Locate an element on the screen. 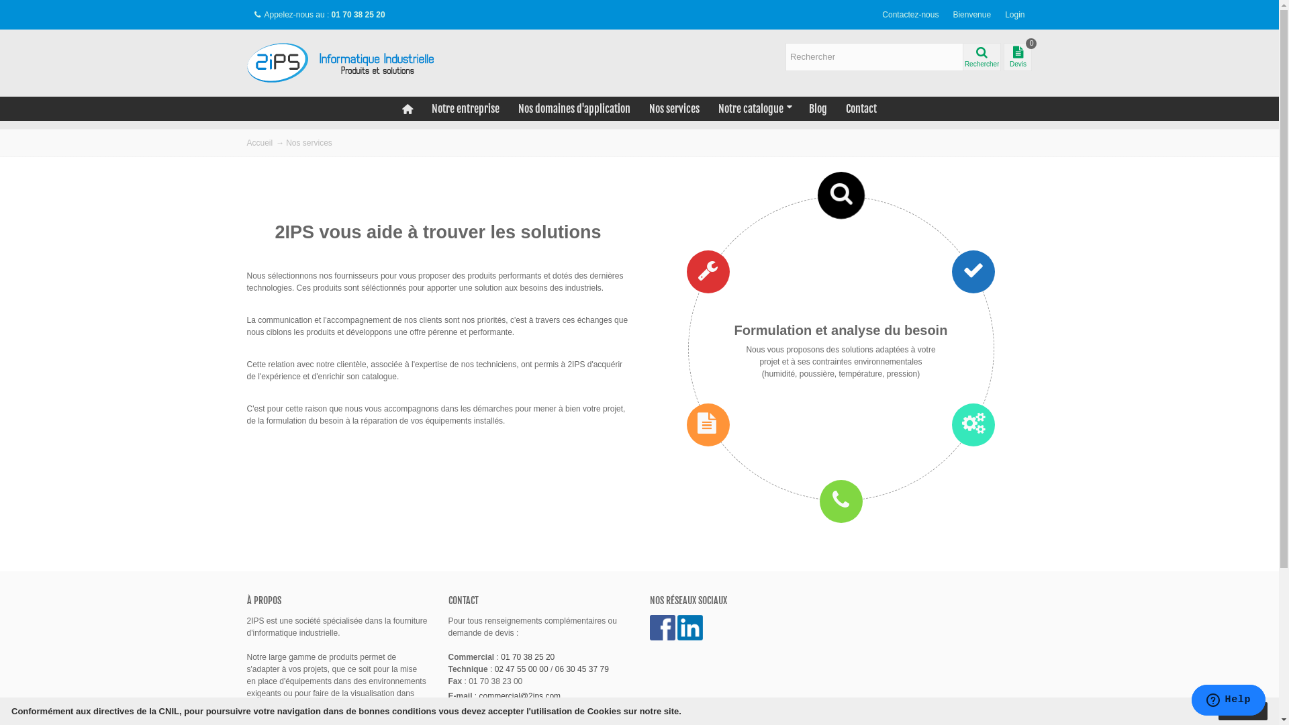 Image resolution: width=1289 pixels, height=725 pixels. 'J'accepte' is located at coordinates (1242, 710).